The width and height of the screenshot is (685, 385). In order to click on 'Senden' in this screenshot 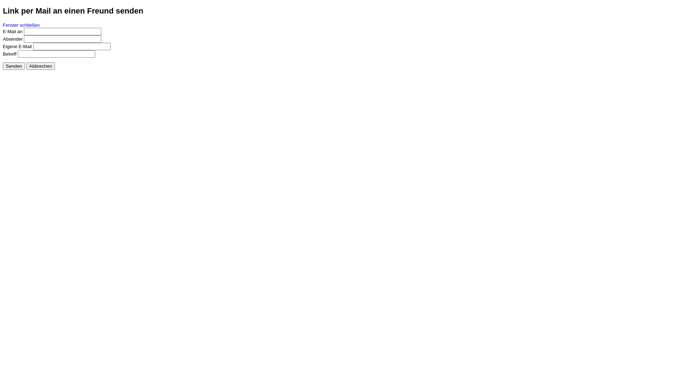, I will do `click(14, 66)`.